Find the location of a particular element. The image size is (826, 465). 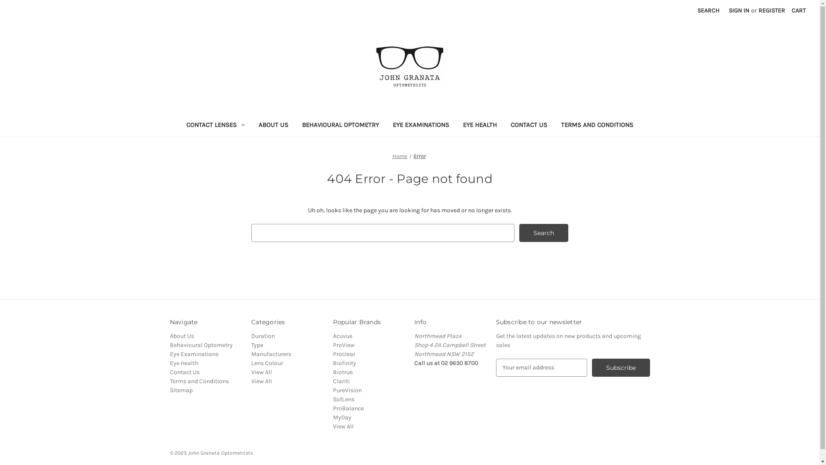

'John Granata Optometrists' is located at coordinates (409, 66).